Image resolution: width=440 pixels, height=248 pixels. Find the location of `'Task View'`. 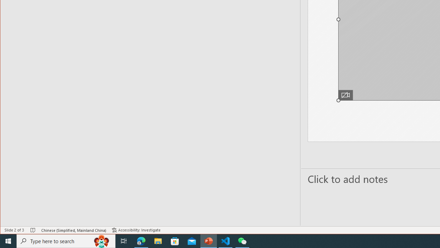

'Task View' is located at coordinates (123, 240).